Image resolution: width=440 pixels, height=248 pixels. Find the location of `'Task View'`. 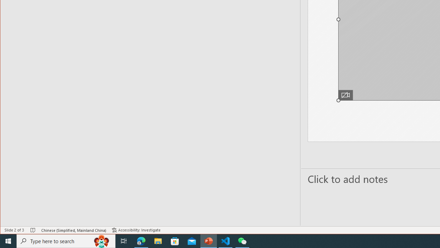

'Task View' is located at coordinates (123, 240).